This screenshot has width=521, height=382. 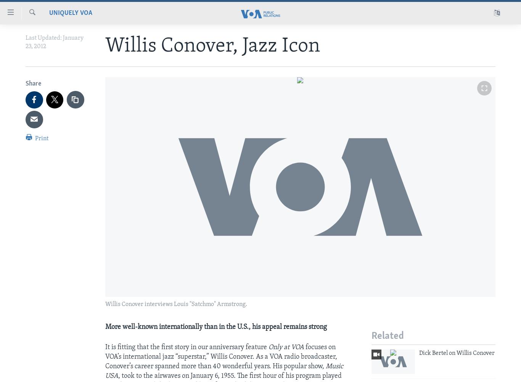 I want to click on 'Related', so click(x=388, y=336).